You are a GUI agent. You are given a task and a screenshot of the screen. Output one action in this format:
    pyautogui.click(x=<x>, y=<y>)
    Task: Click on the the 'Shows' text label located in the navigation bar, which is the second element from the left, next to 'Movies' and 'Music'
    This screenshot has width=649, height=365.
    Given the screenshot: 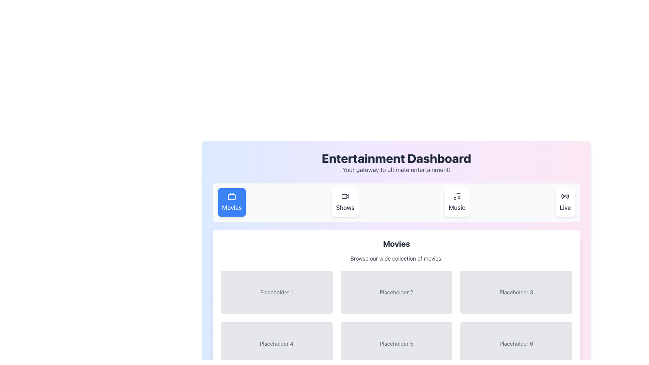 What is the action you would take?
    pyautogui.click(x=345, y=207)
    